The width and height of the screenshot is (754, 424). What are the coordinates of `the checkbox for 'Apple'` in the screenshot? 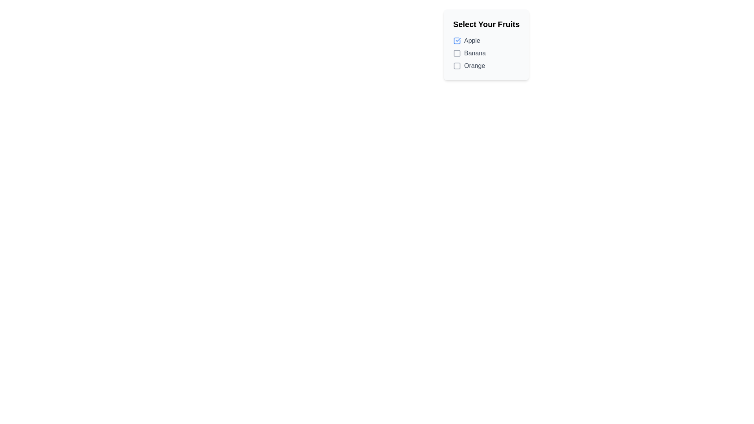 It's located at (486, 41).